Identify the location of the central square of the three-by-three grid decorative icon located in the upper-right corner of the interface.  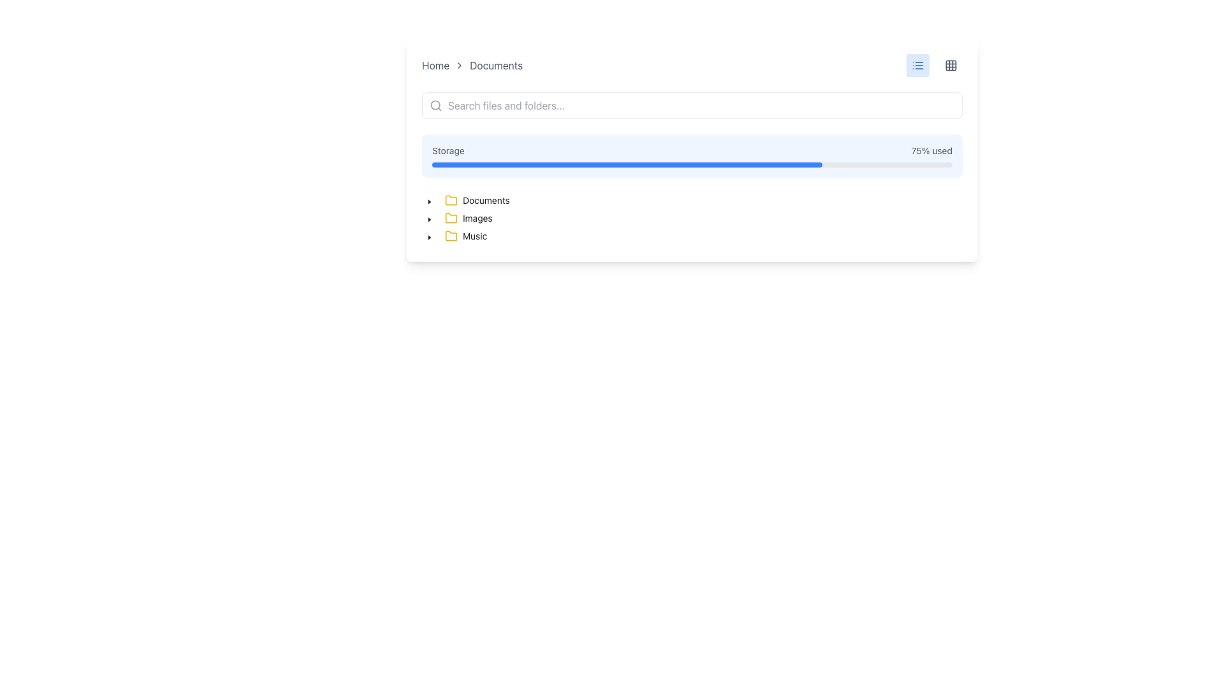
(951, 66).